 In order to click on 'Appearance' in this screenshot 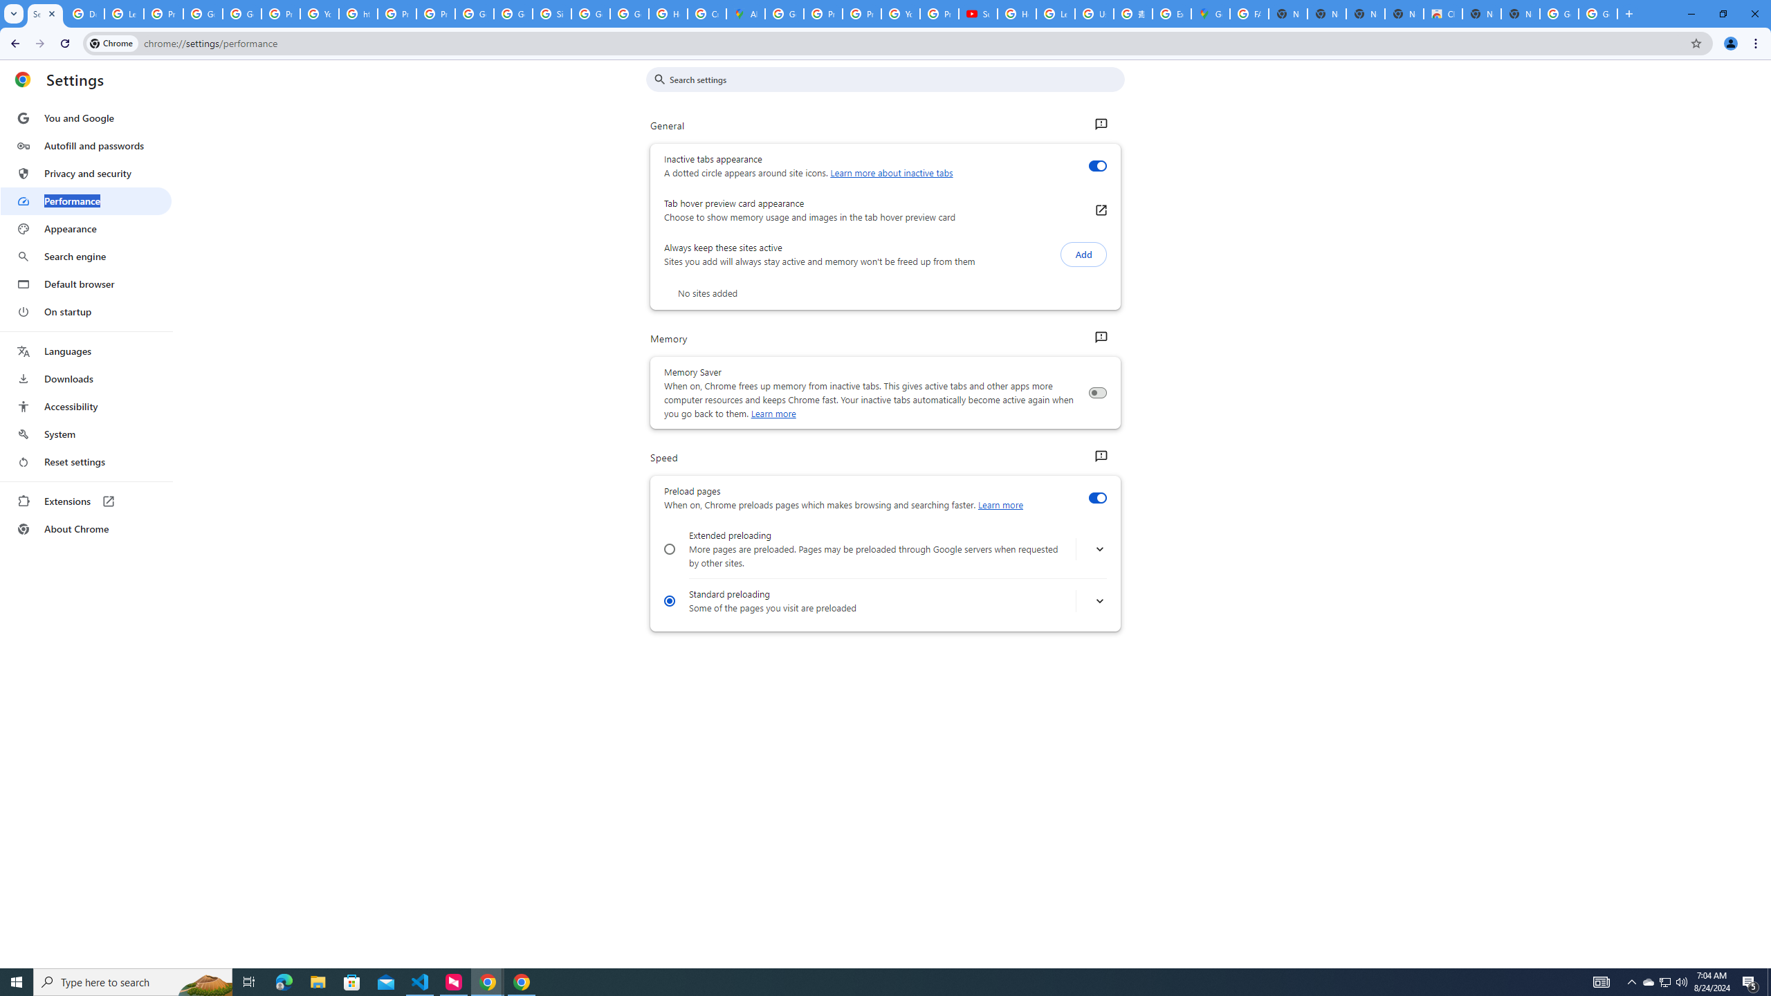, I will do `click(85, 228)`.